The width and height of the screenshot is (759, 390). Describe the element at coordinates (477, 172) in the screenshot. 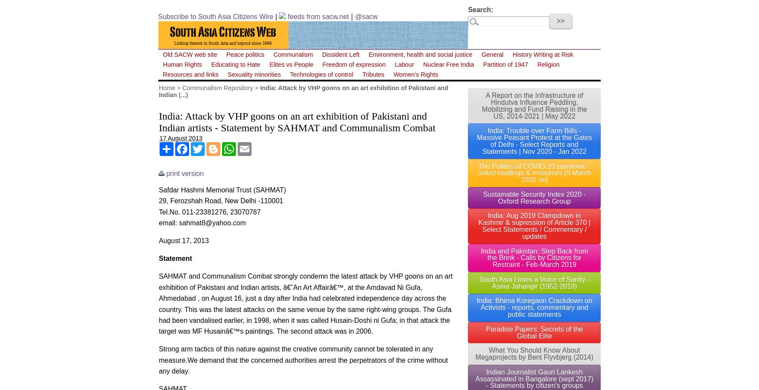

I see `'The Politics of COVID-19 pandemic - select readings & resources [9 March 2020 on]'` at that location.